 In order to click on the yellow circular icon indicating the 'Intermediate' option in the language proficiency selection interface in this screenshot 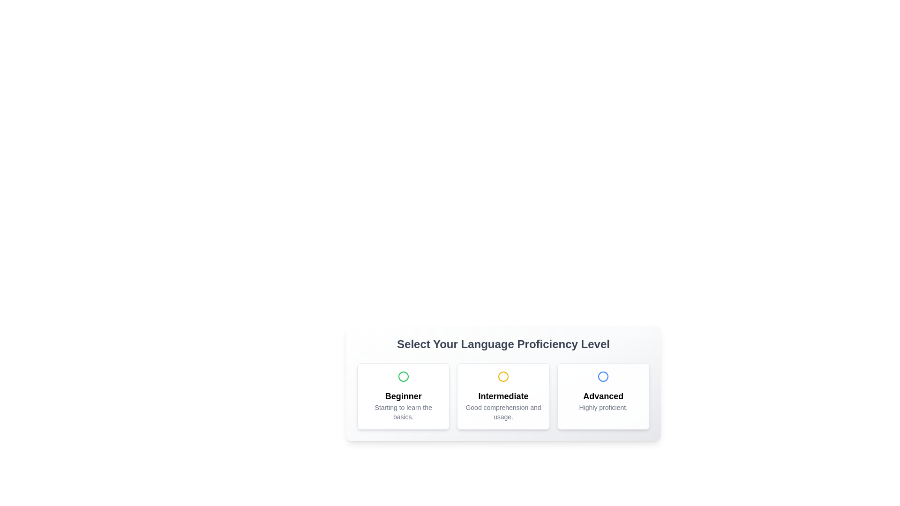, I will do `click(503, 376)`.